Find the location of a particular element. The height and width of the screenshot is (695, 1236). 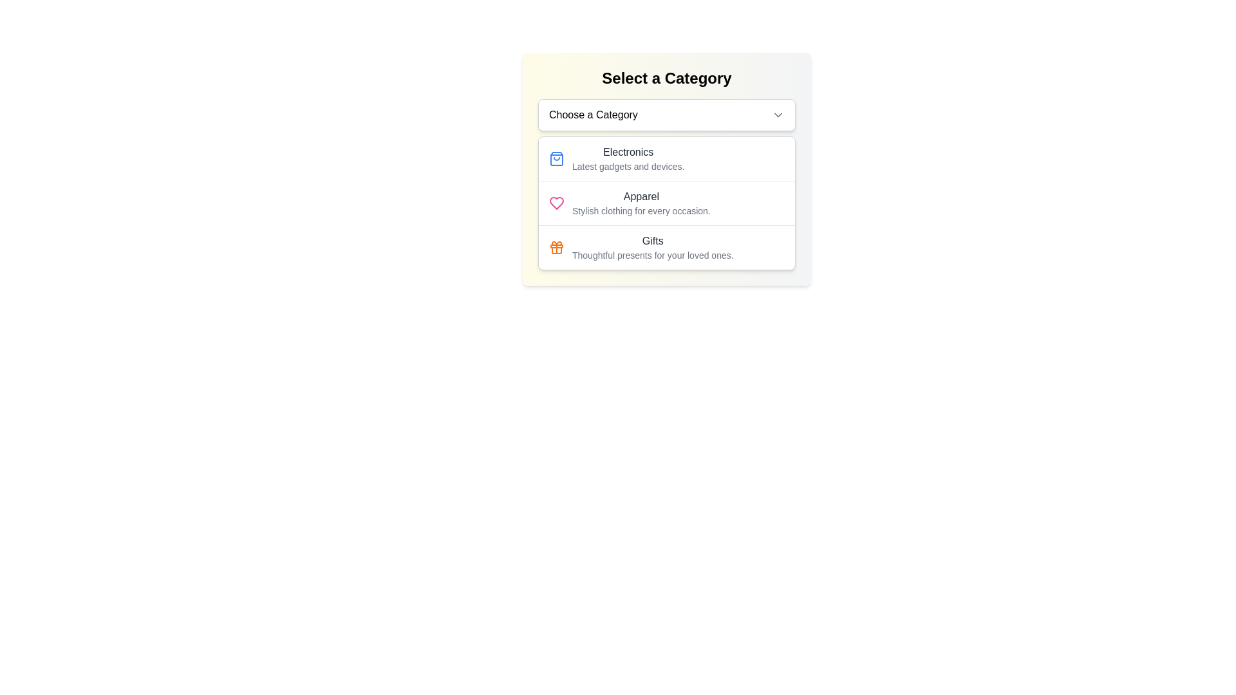

the text description element that provides additional context for the 'Gifts' category in the 'Select a Category' dropdown menu, positioned beneath the 'Gifts' title is located at coordinates (653, 255).